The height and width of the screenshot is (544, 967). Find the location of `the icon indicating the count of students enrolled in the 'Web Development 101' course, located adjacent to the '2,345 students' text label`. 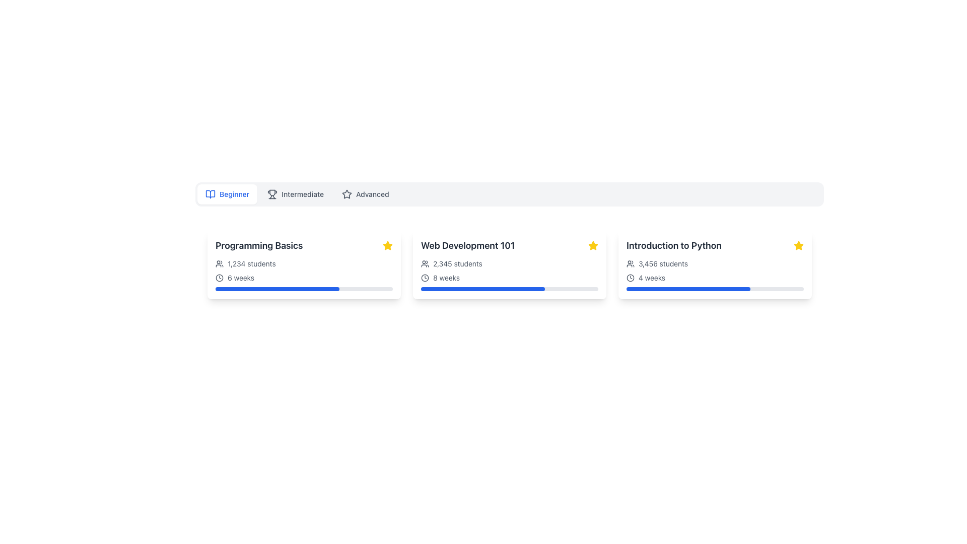

the icon indicating the count of students enrolled in the 'Web Development 101' course, located adjacent to the '2,345 students' text label is located at coordinates (425, 263).